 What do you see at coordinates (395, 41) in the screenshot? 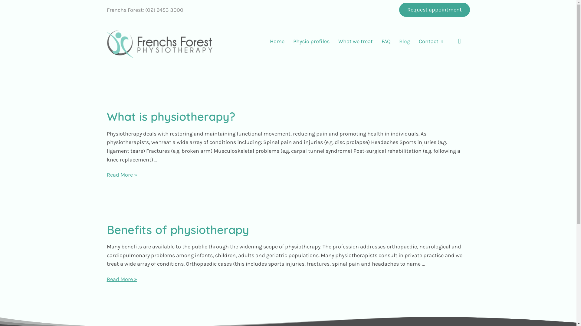
I see `'Blog'` at bounding box center [395, 41].